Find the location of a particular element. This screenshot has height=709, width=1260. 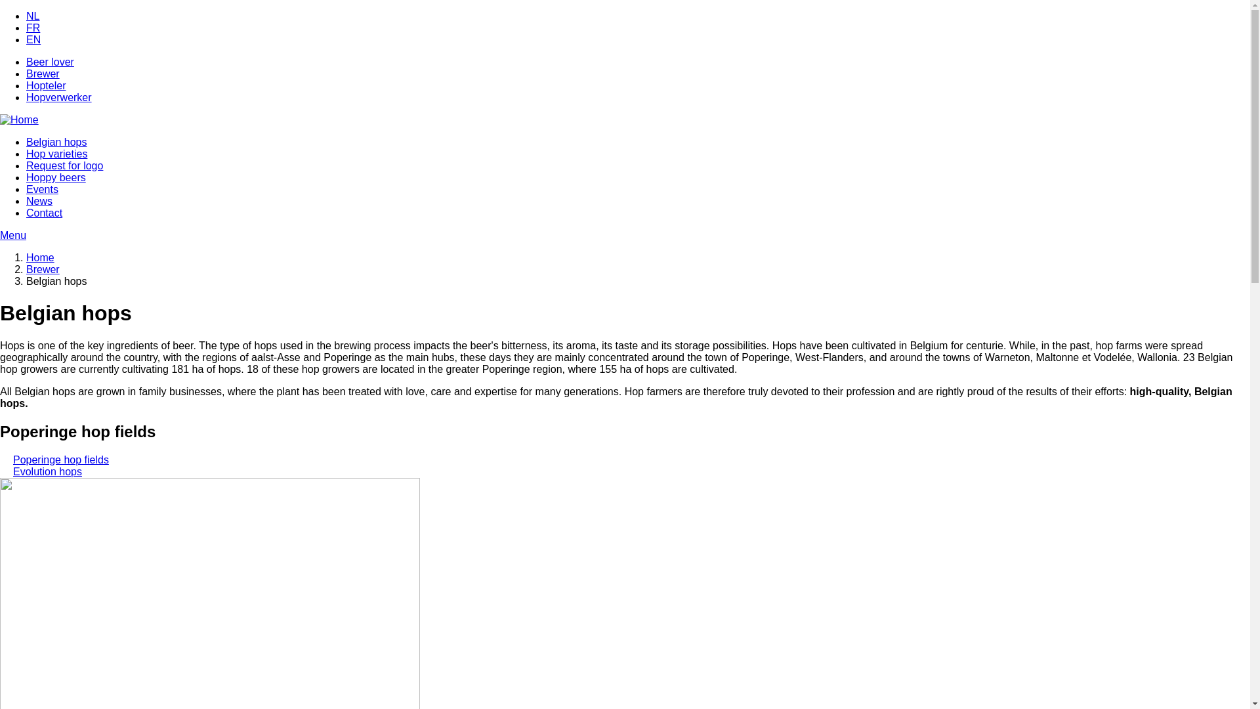

'Brewer' is located at coordinates (26, 74).